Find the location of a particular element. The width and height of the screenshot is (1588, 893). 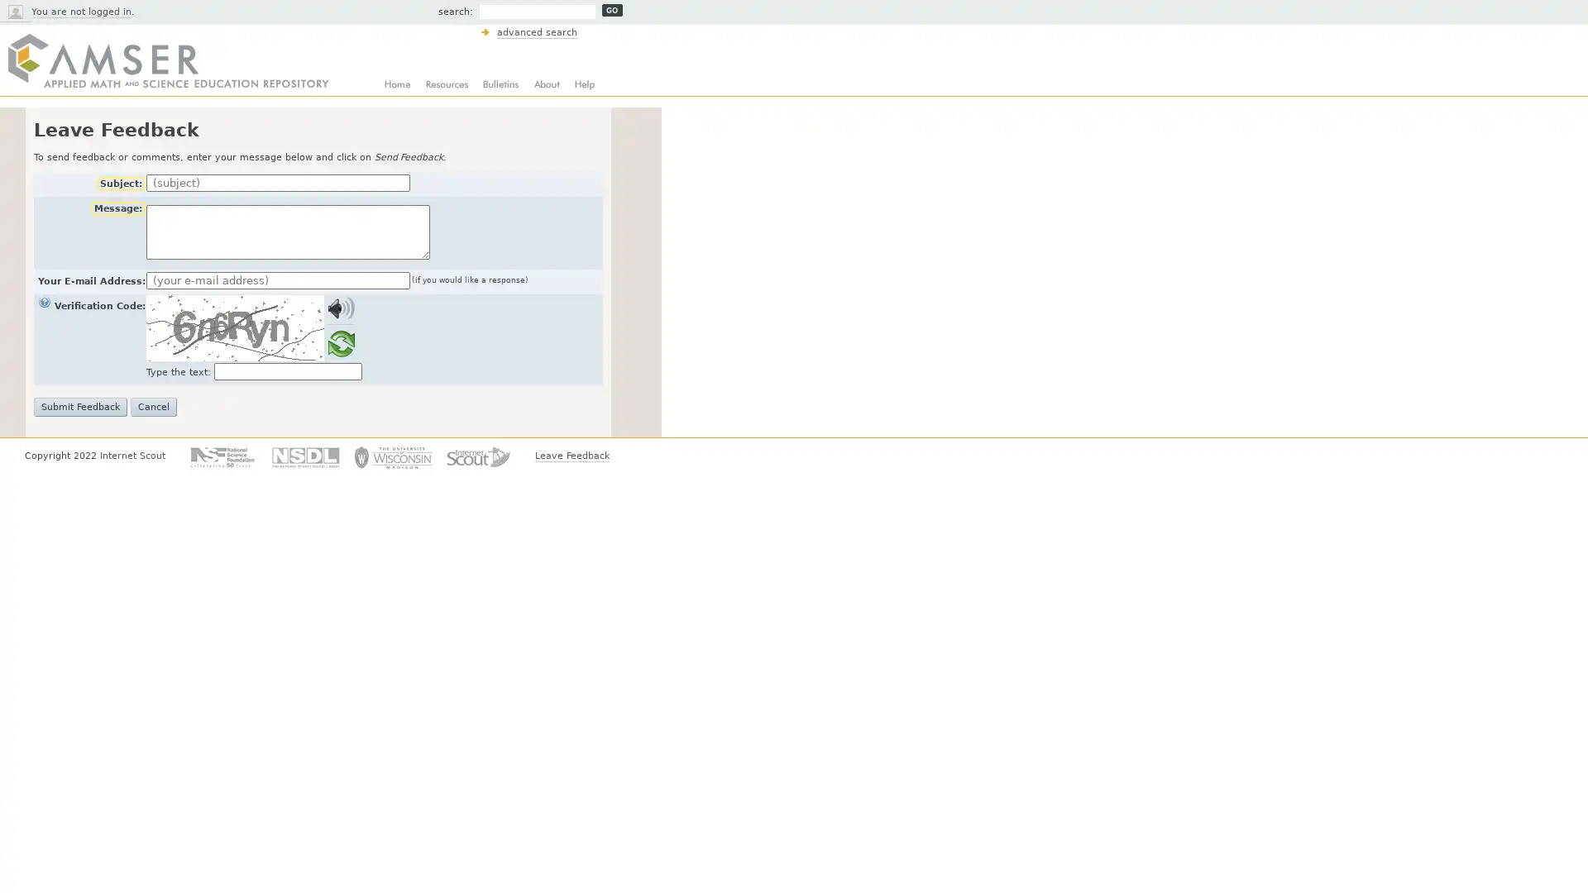

Cancel is located at coordinates (154, 407).